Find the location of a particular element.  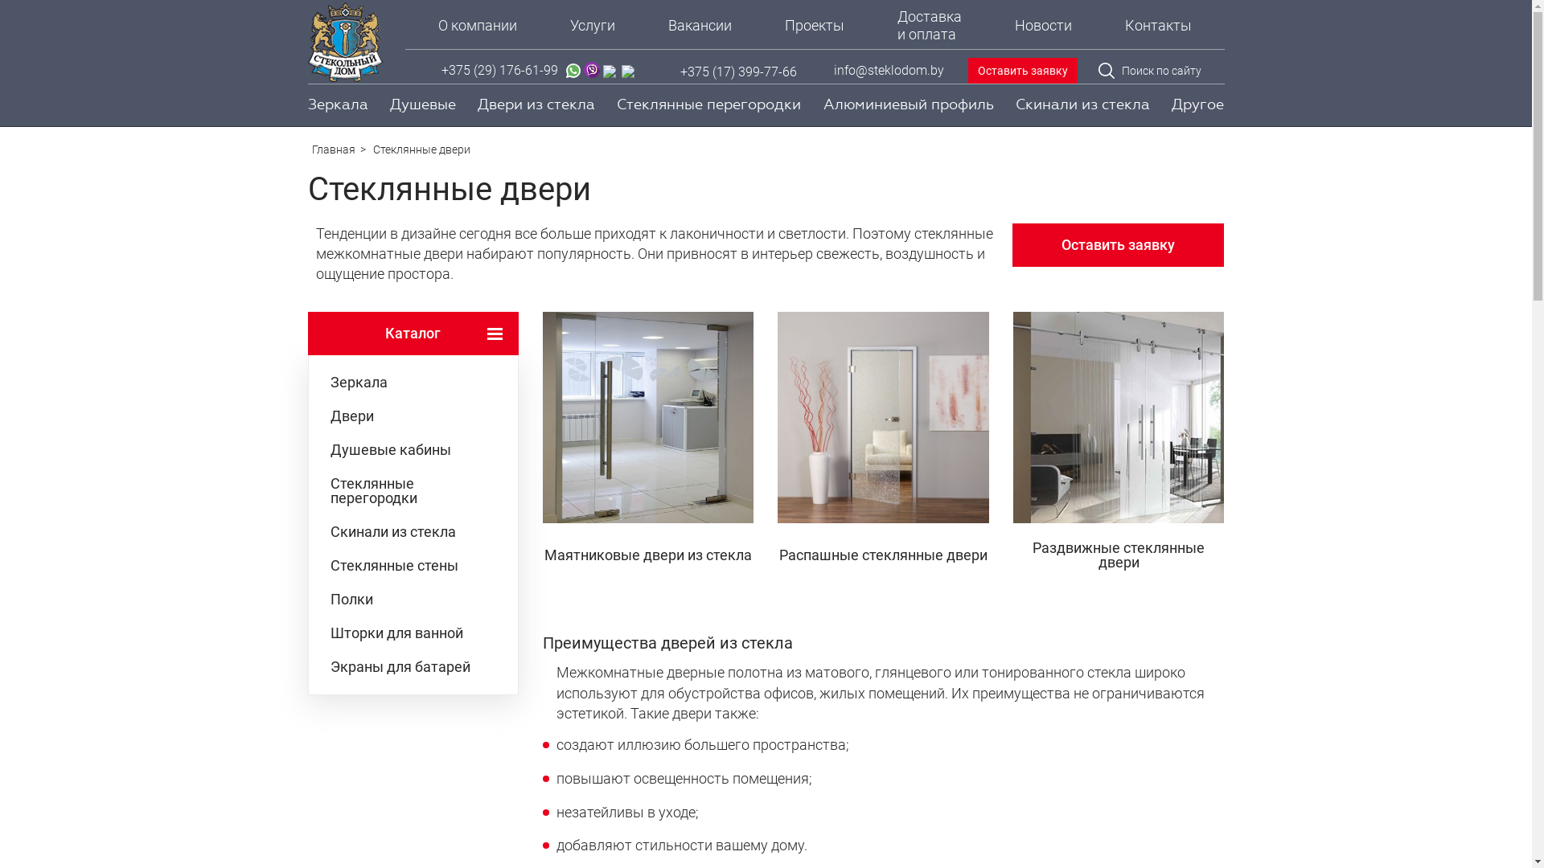

'+375 (17) 399-77-66' is located at coordinates (680, 71).